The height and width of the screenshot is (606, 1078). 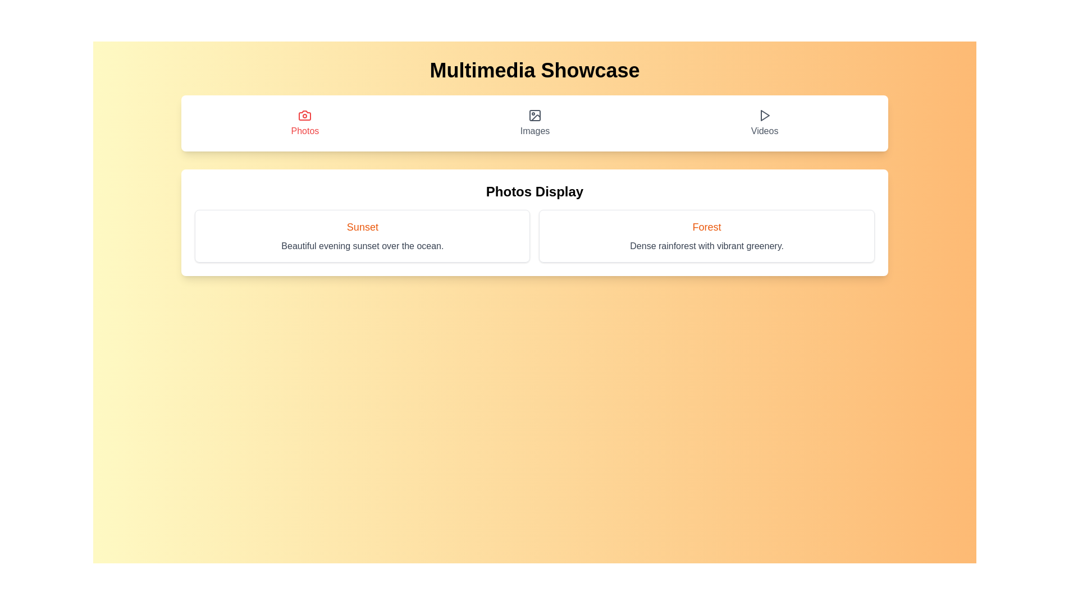 I want to click on descriptive static text located beneath the main heading of the 'Forest' card in the 'Photos Display' section, which provides context about the content or imagery presented, so click(x=706, y=246).